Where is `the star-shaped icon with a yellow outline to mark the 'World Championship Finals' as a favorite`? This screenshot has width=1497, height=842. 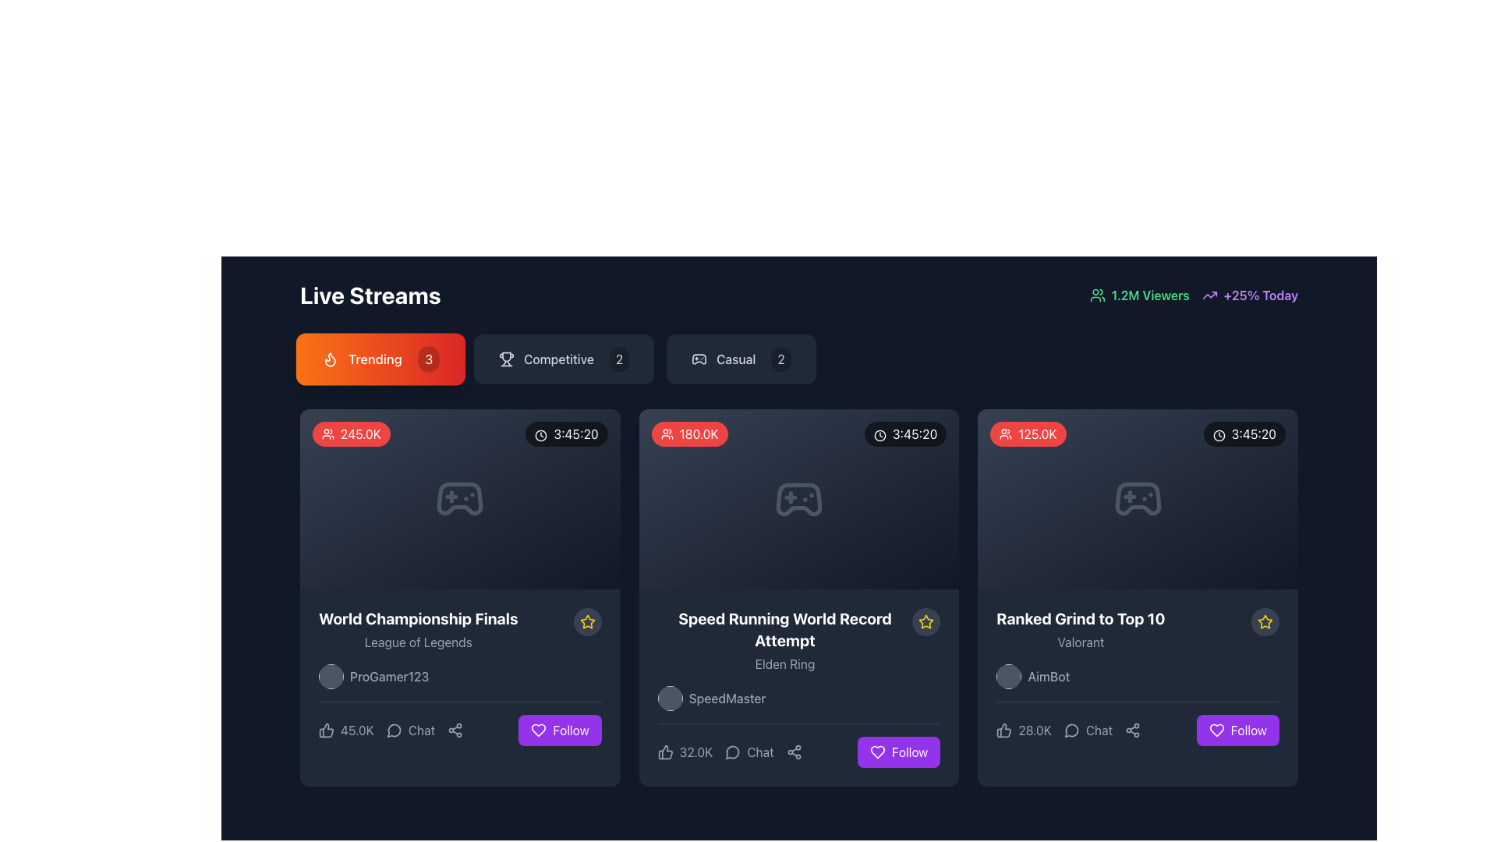 the star-shaped icon with a yellow outline to mark the 'World Championship Finals' as a favorite is located at coordinates (586, 621).